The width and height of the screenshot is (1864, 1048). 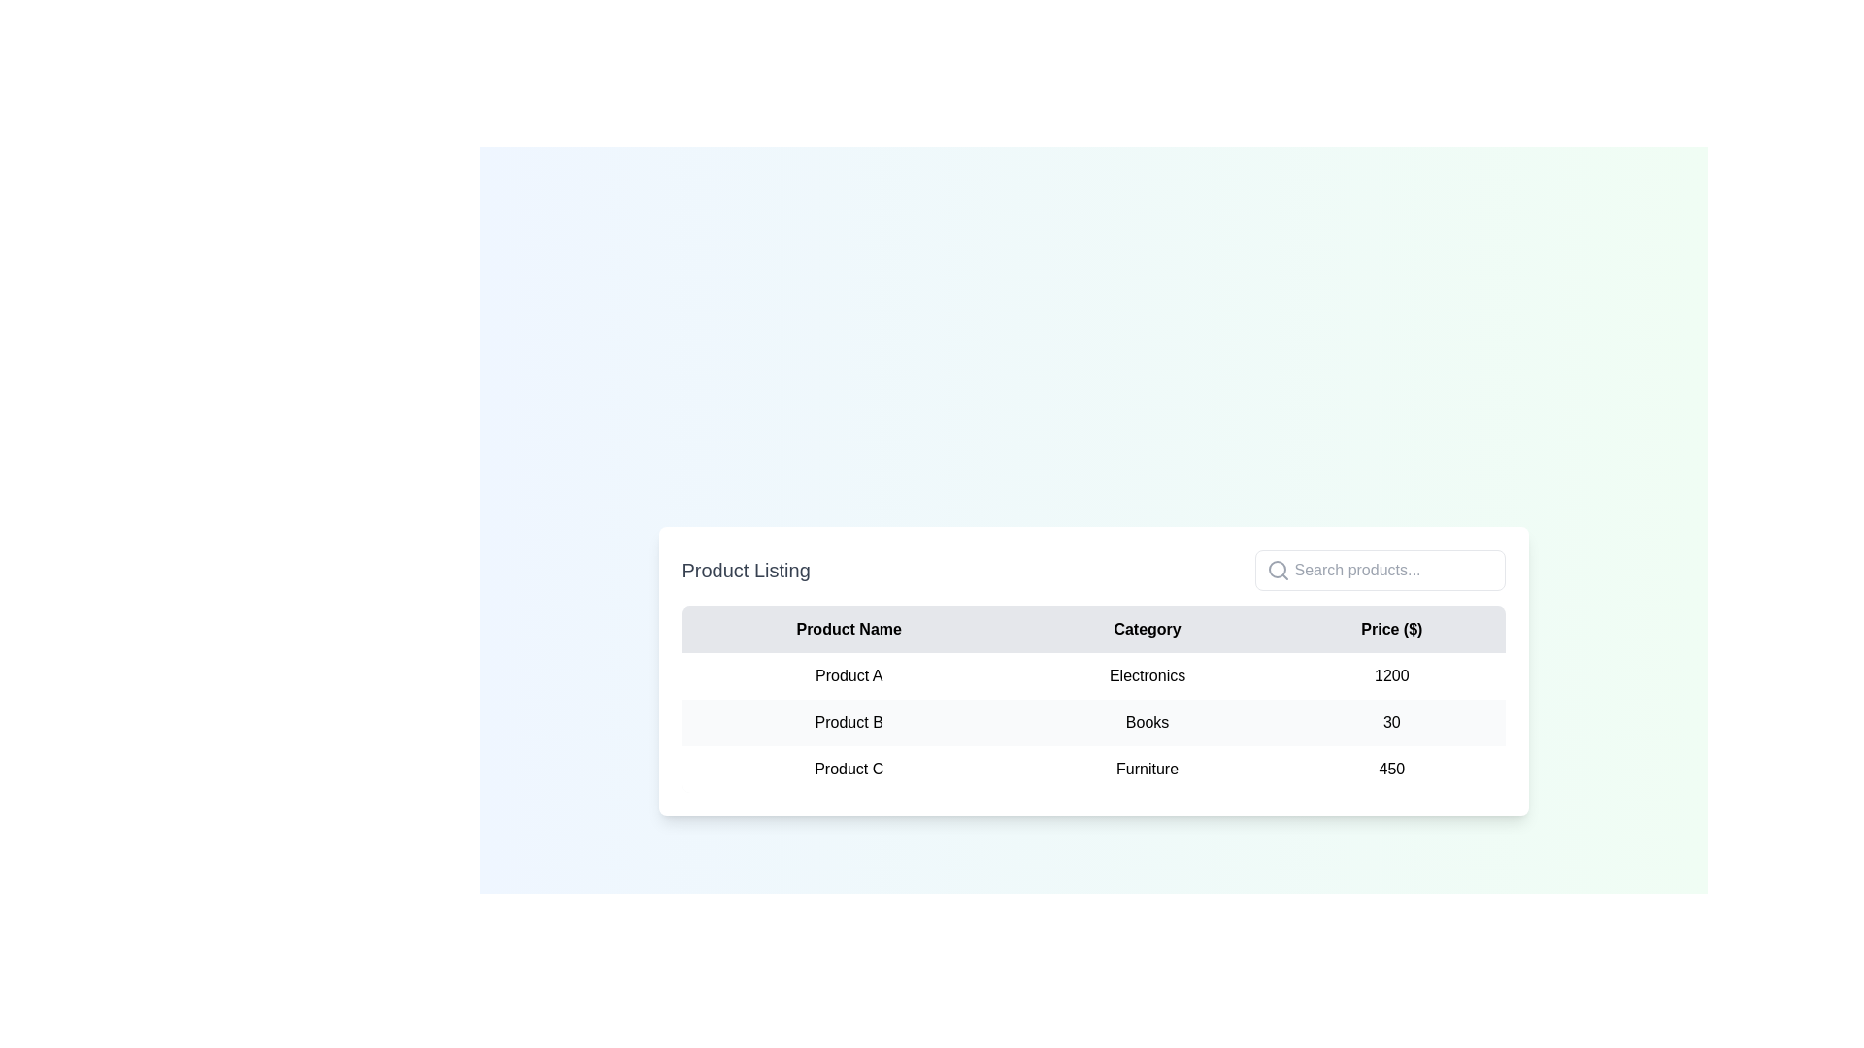 What do you see at coordinates (849, 629) in the screenshot?
I see `the 'Product Name' text label which is displayed in bold and centered style in the header row of a table interface` at bounding box center [849, 629].